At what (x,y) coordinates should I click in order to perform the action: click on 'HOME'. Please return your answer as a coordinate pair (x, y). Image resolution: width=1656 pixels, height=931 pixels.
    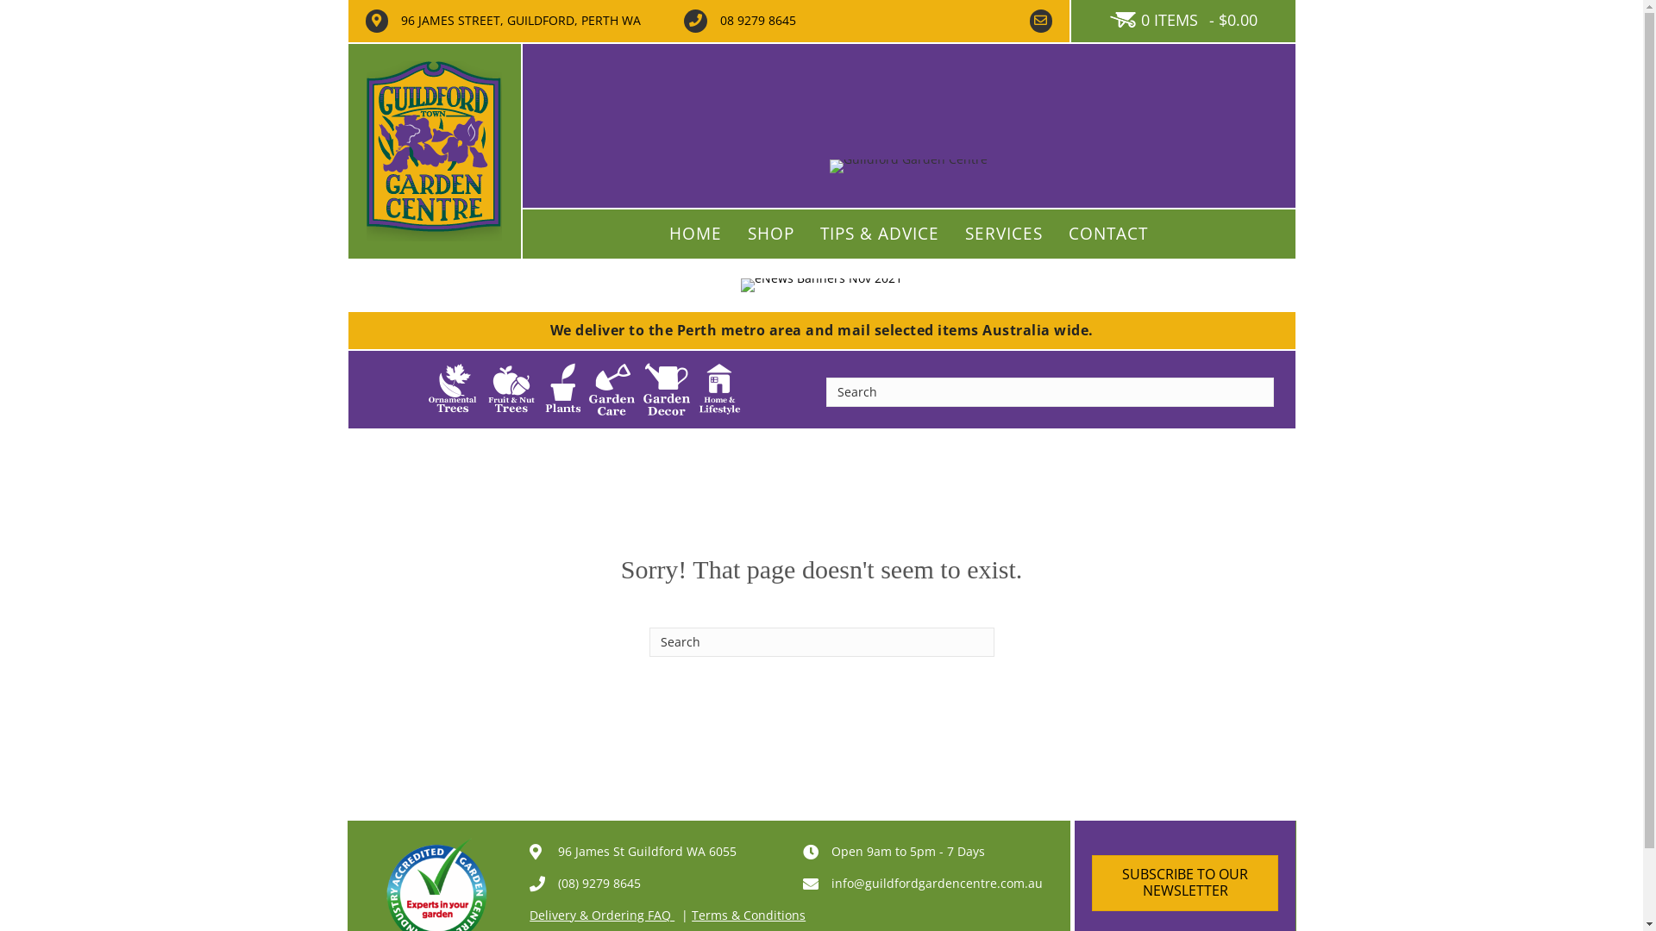
    Looking at the image, I should click on (695, 234).